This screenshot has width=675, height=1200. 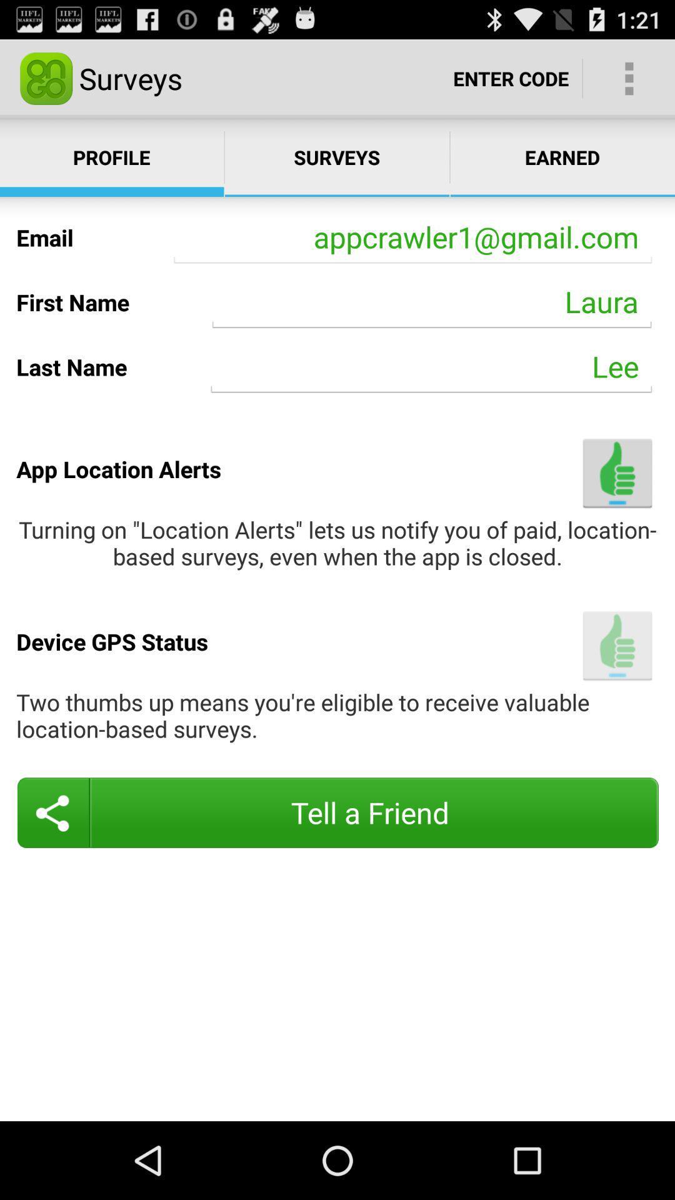 I want to click on item next to app location alerts item, so click(x=617, y=472).